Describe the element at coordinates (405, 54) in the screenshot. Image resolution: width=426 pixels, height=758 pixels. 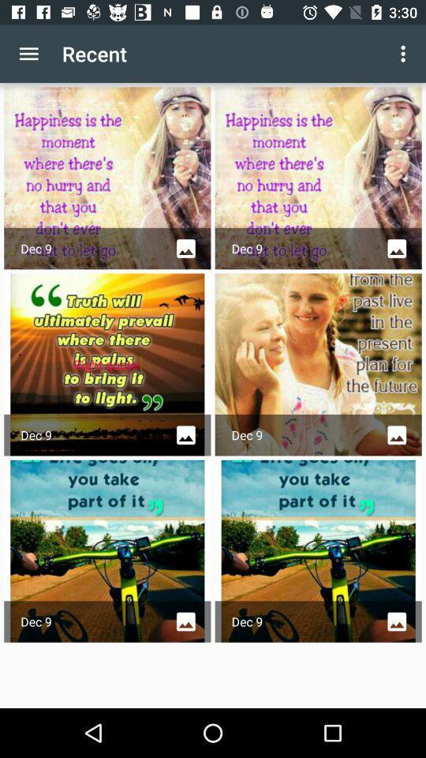
I see `the icon to the right of the recent item` at that location.